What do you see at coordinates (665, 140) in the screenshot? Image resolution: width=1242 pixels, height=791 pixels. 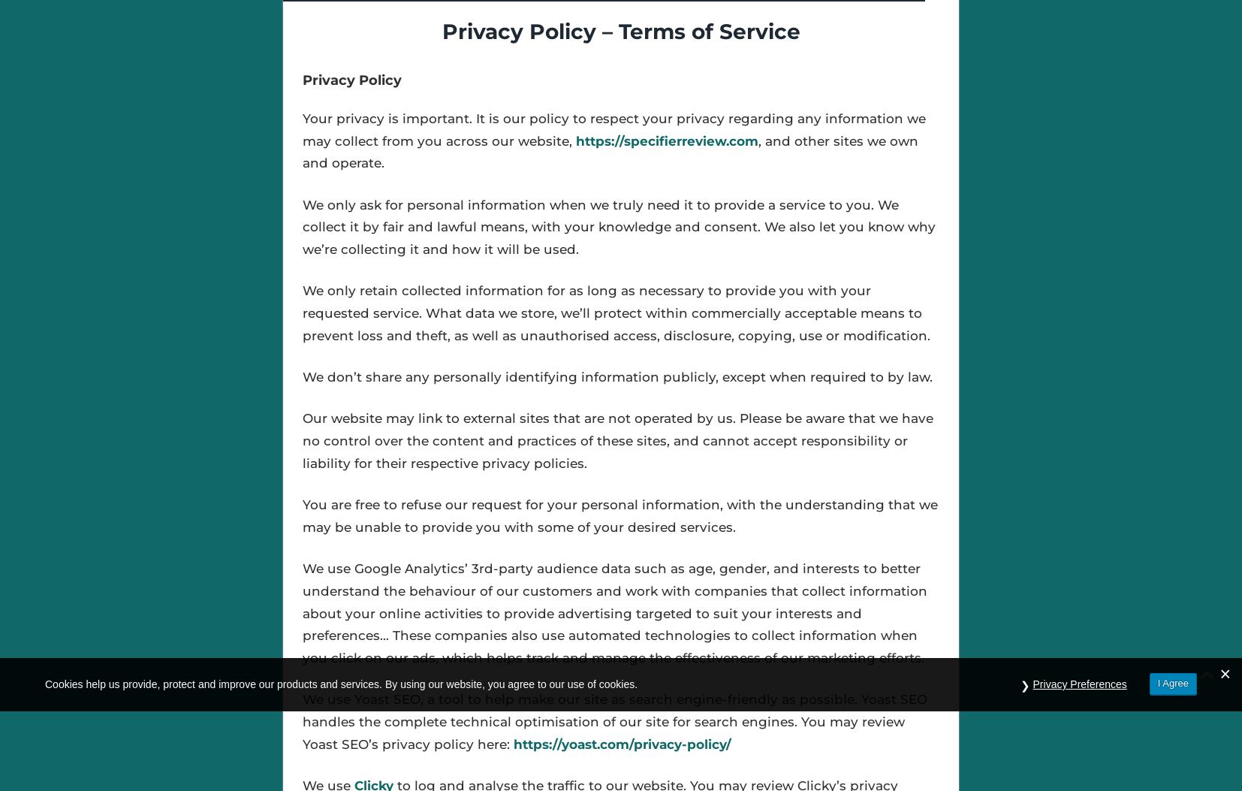 I see `'https://specifierreview.com'` at bounding box center [665, 140].